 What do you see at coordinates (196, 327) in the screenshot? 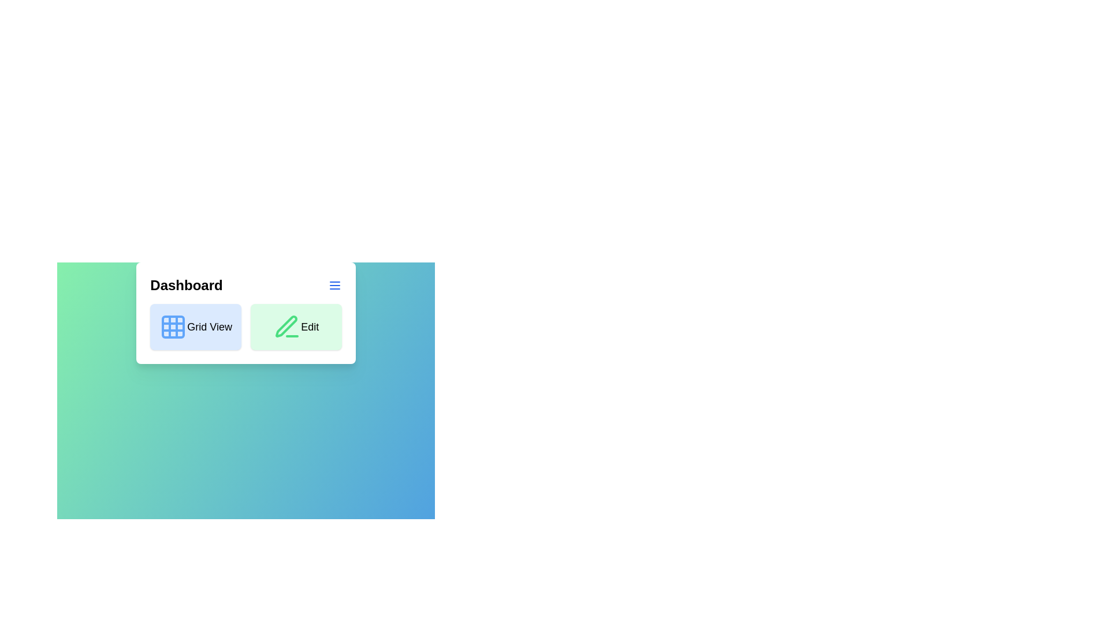
I see `the 'Grid View' button to select the grid view option` at bounding box center [196, 327].